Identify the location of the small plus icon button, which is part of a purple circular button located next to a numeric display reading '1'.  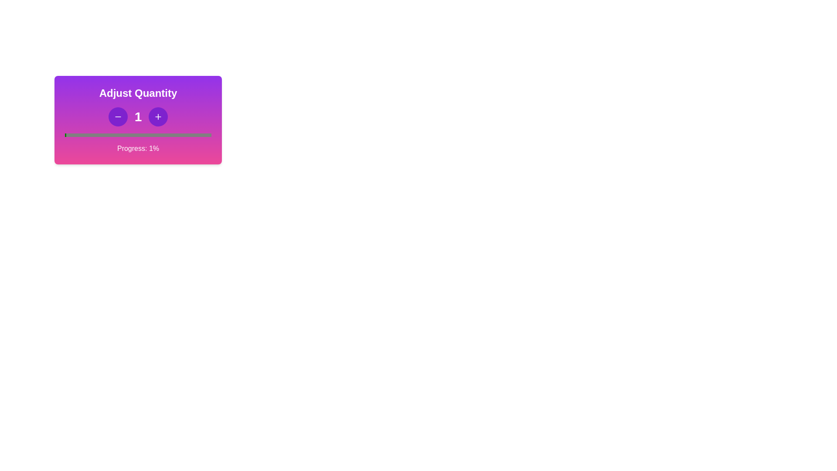
(158, 116).